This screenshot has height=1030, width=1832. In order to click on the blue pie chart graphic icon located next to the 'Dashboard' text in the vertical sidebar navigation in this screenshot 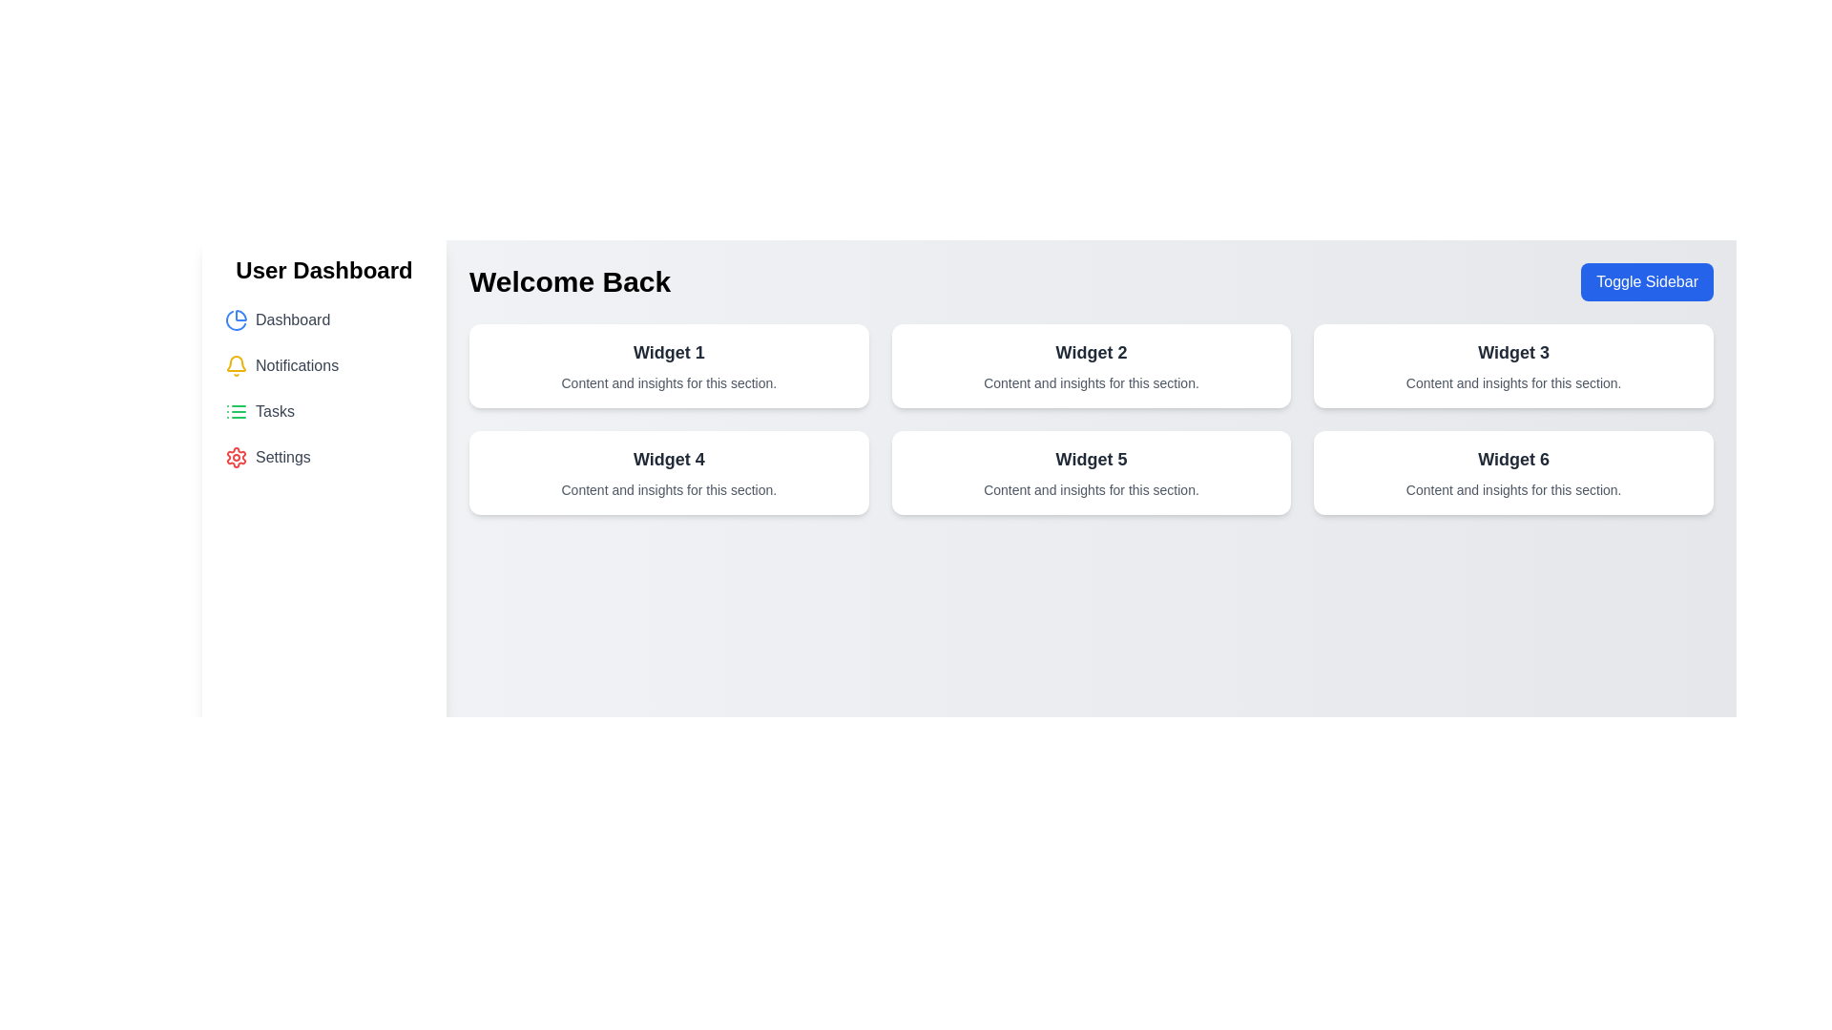, I will do `click(235, 319)`.